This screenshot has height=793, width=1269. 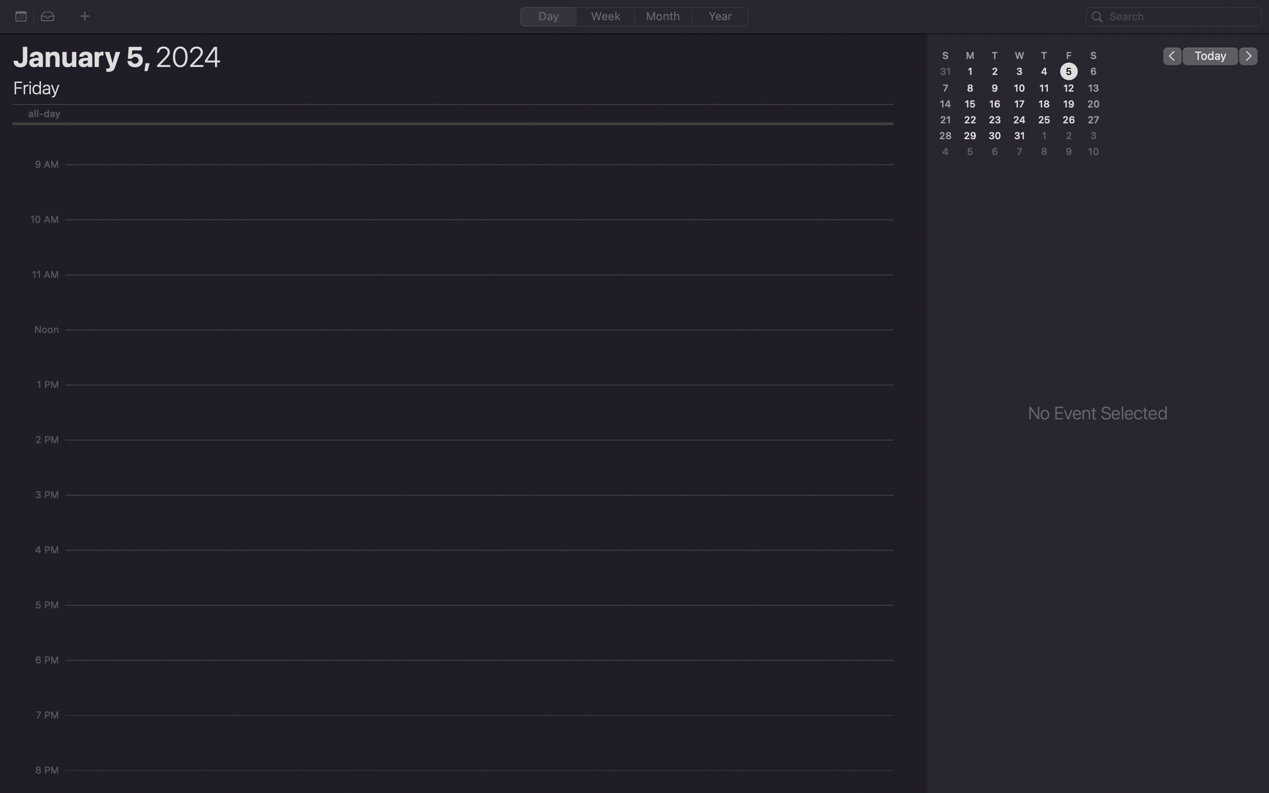 What do you see at coordinates (1042, 72) in the screenshot?
I see `the number four on the display` at bounding box center [1042, 72].